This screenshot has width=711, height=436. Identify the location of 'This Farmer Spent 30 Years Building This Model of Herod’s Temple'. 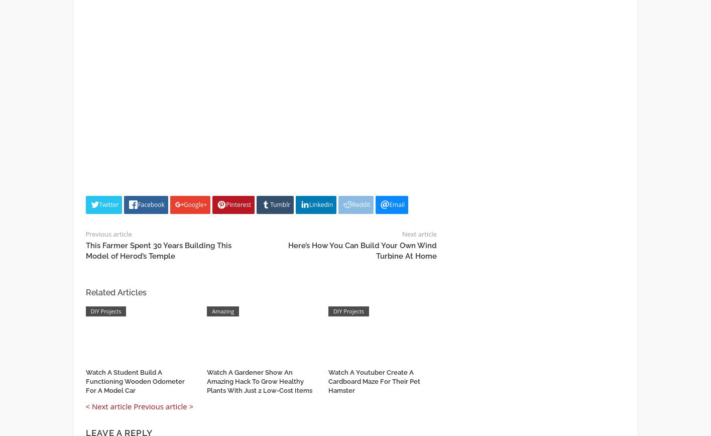
(158, 251).